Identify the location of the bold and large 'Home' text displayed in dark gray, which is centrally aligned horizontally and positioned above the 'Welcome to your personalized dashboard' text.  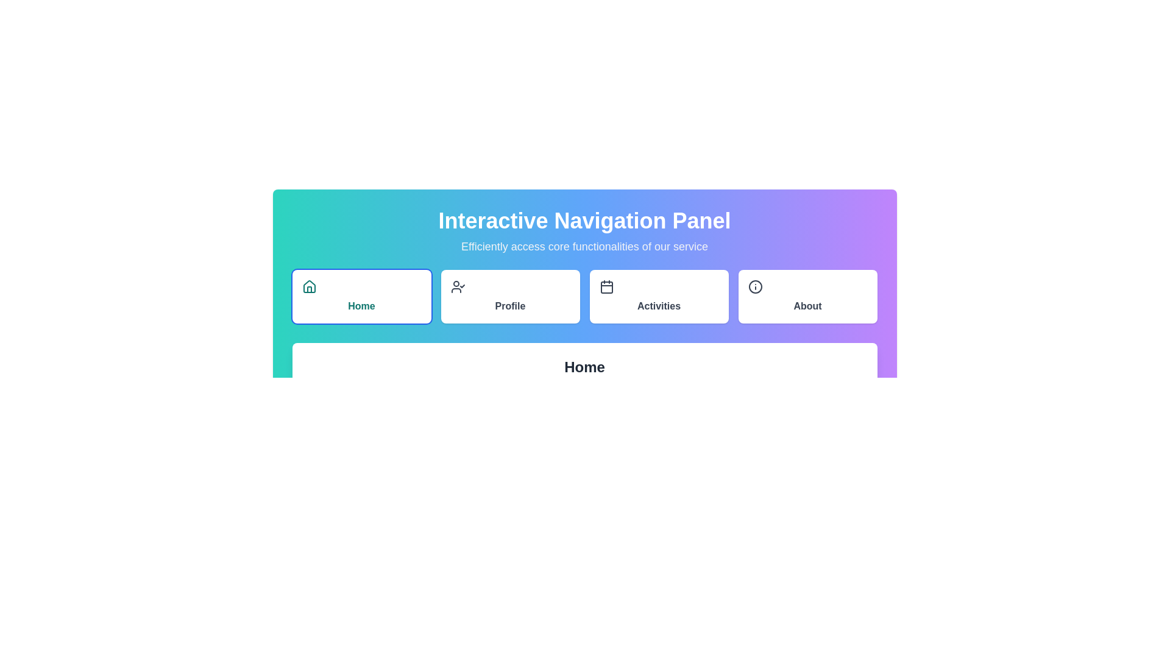
(584, 366).